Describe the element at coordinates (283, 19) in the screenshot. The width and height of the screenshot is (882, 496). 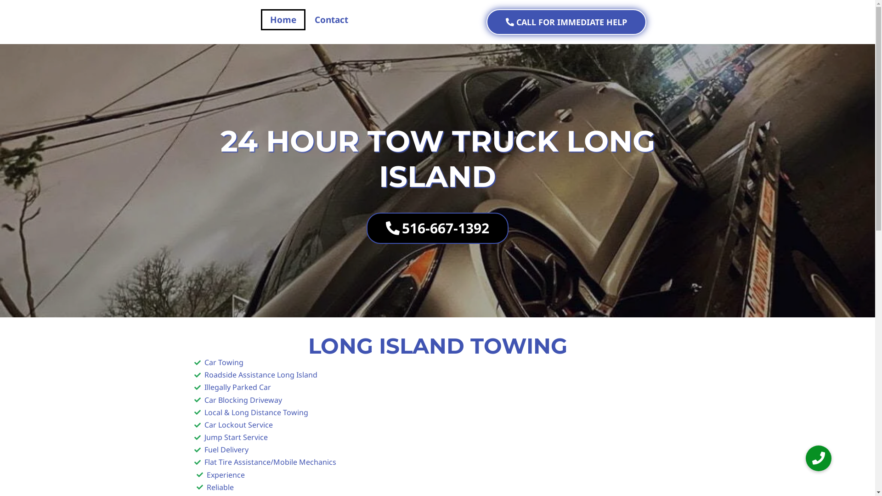
I see `'Home'` at that location.